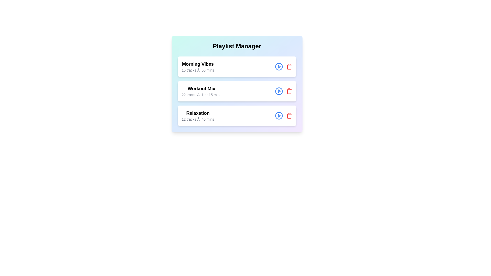 Image resolution: width=491 pixels, height=276 pixels. Describe the element at coordinates (278, 66) in the screenshot. I see `play button for the playlist titled Morning Vibes` at that location.